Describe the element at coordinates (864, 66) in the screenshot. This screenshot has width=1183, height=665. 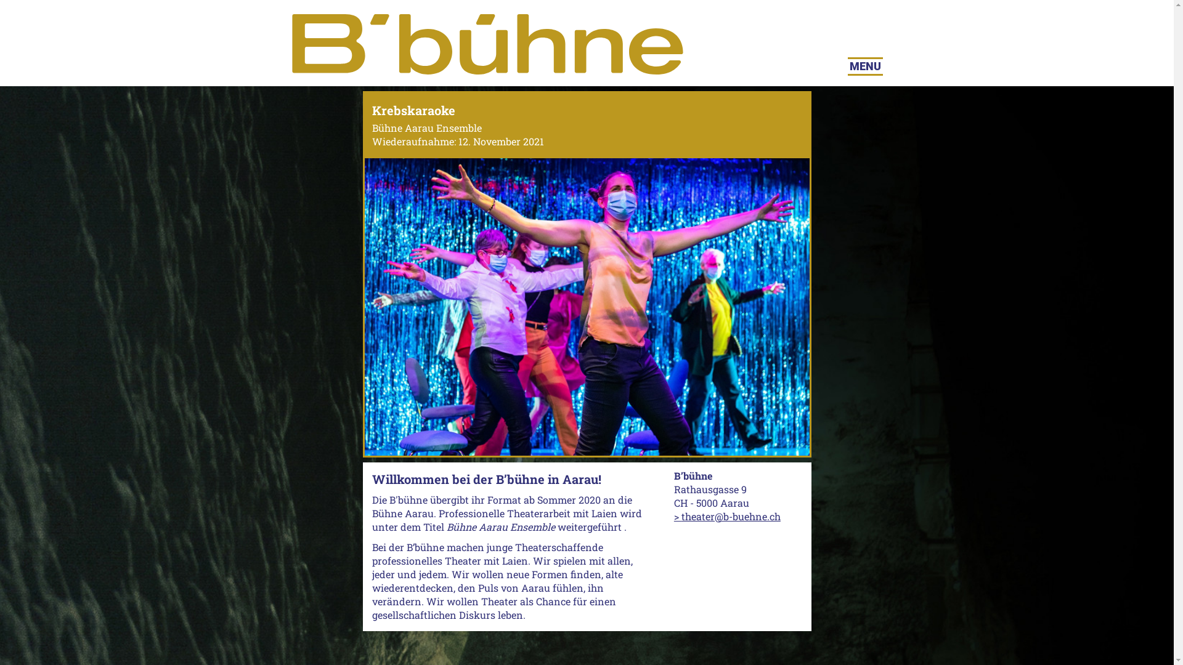
I see `'MENU'` at that location.